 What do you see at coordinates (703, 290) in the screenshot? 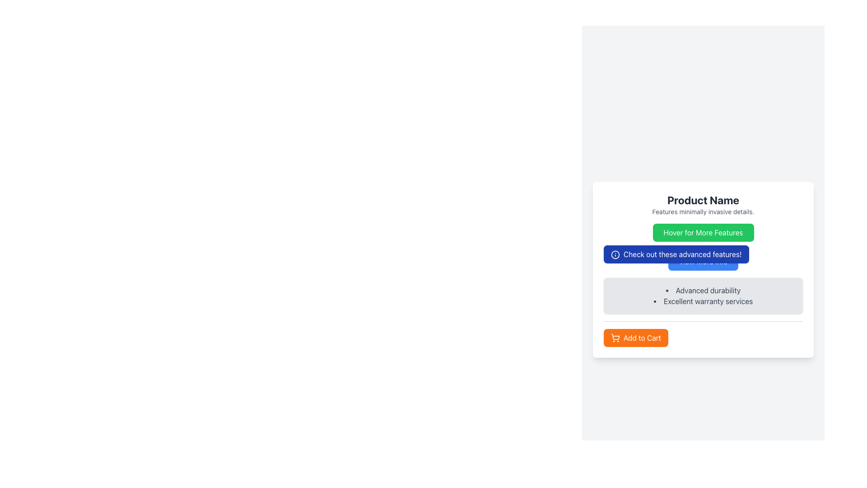
I see `the static text element reading 'Advanced durability' which is the first item in a bullet-pointed list, located in the middle section of a card-like structure` at bounding box center [703, 290].